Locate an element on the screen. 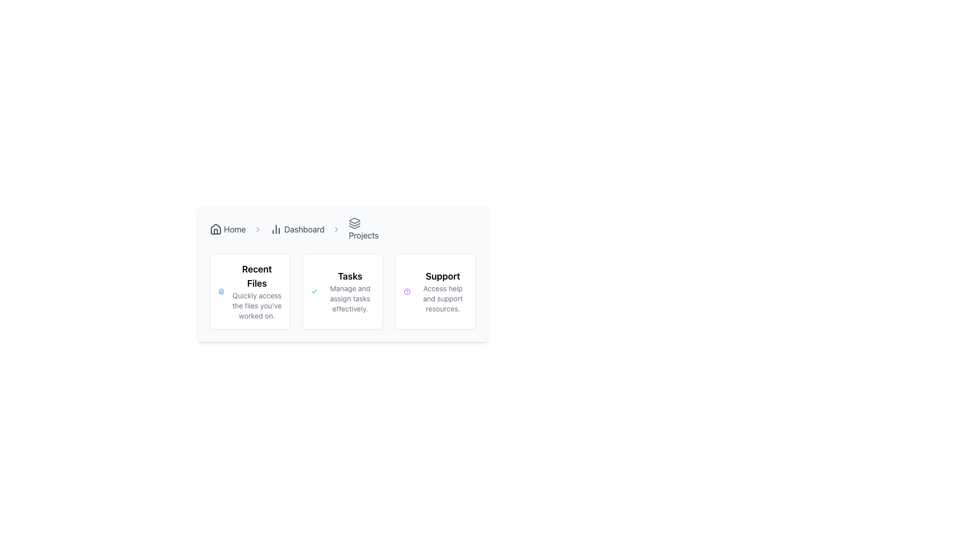 The image size is (973, 547). the 'Support' icon located within the third card that indicates help or support-related functionality is located at coordinates (407, 291).